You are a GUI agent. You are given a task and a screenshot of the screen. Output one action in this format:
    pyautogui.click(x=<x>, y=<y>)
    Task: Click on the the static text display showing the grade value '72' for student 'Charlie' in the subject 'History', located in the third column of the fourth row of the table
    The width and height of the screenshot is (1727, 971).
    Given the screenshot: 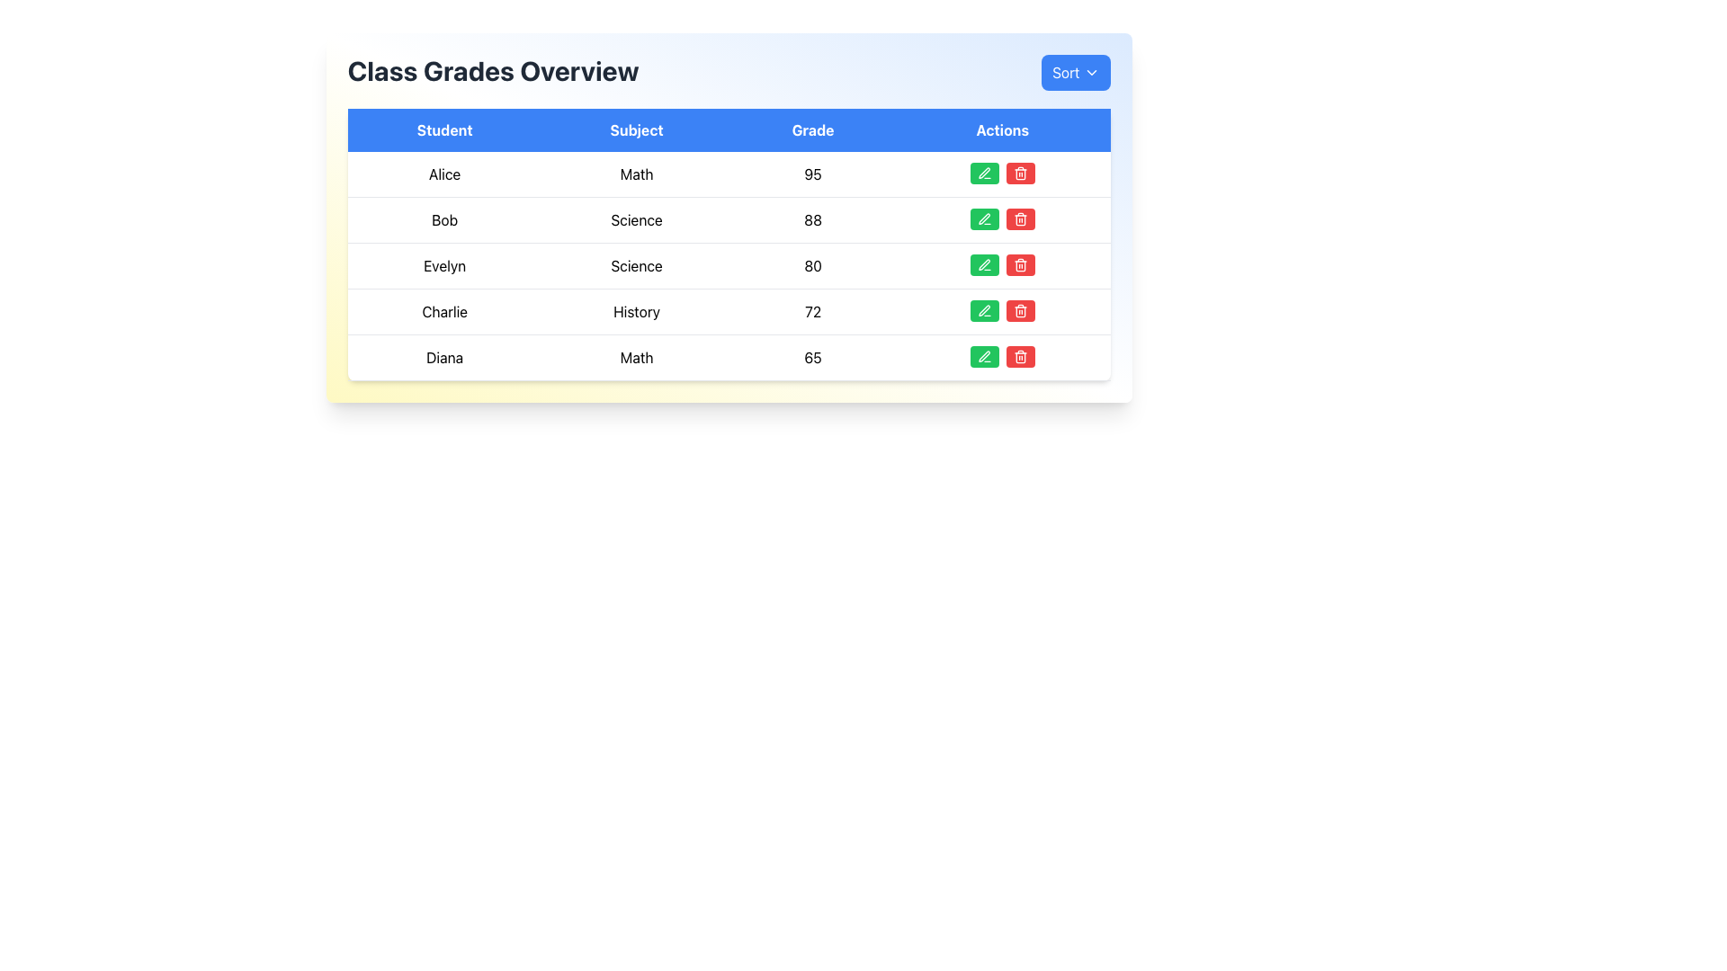 What is the action you would take?
    pyautogui.click(x=812, y=311)
    